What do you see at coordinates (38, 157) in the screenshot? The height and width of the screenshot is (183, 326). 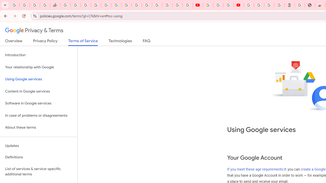 I see `'Definitions'` at bounding box center [38, 157].